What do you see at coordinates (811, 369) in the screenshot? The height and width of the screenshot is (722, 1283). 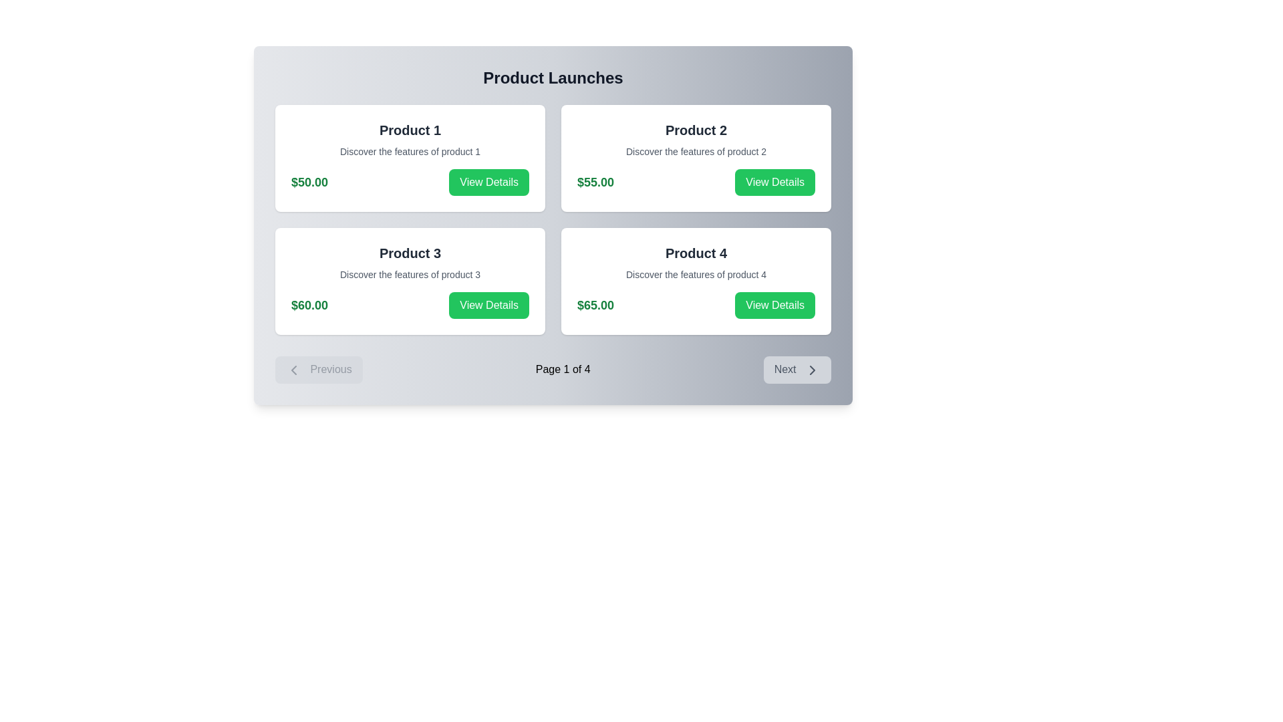 I see `the right-arrow chevron icon located on the rightmost side of the 'Next' button with a gray background and rounded edges` at bounding box center [811, 369].